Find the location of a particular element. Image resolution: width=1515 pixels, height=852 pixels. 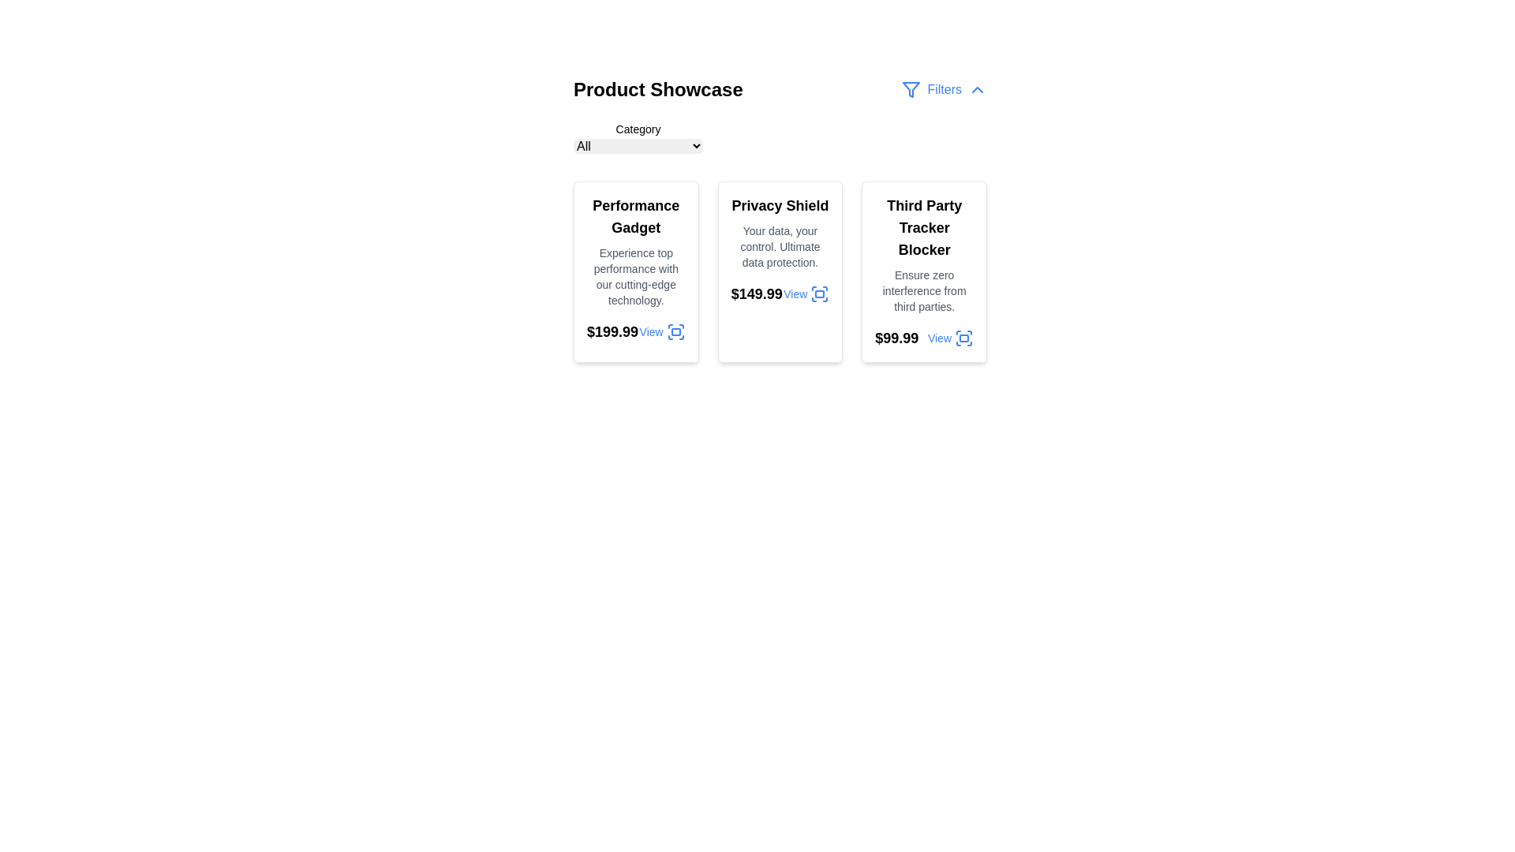

the Price label element displaying '$199.99' located in the bottom-left section of the first card under the 'Product Showcase' heading is located at coordinates (612, 331).